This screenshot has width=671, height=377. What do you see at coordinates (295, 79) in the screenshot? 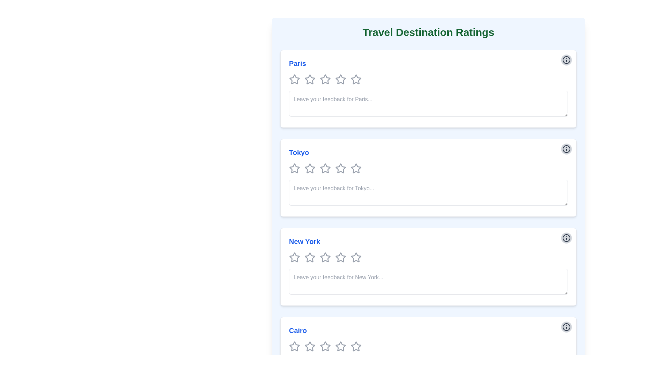
I see `the first star rating icon for the 'Paris' travel destination` at bounding box center [295, 79].